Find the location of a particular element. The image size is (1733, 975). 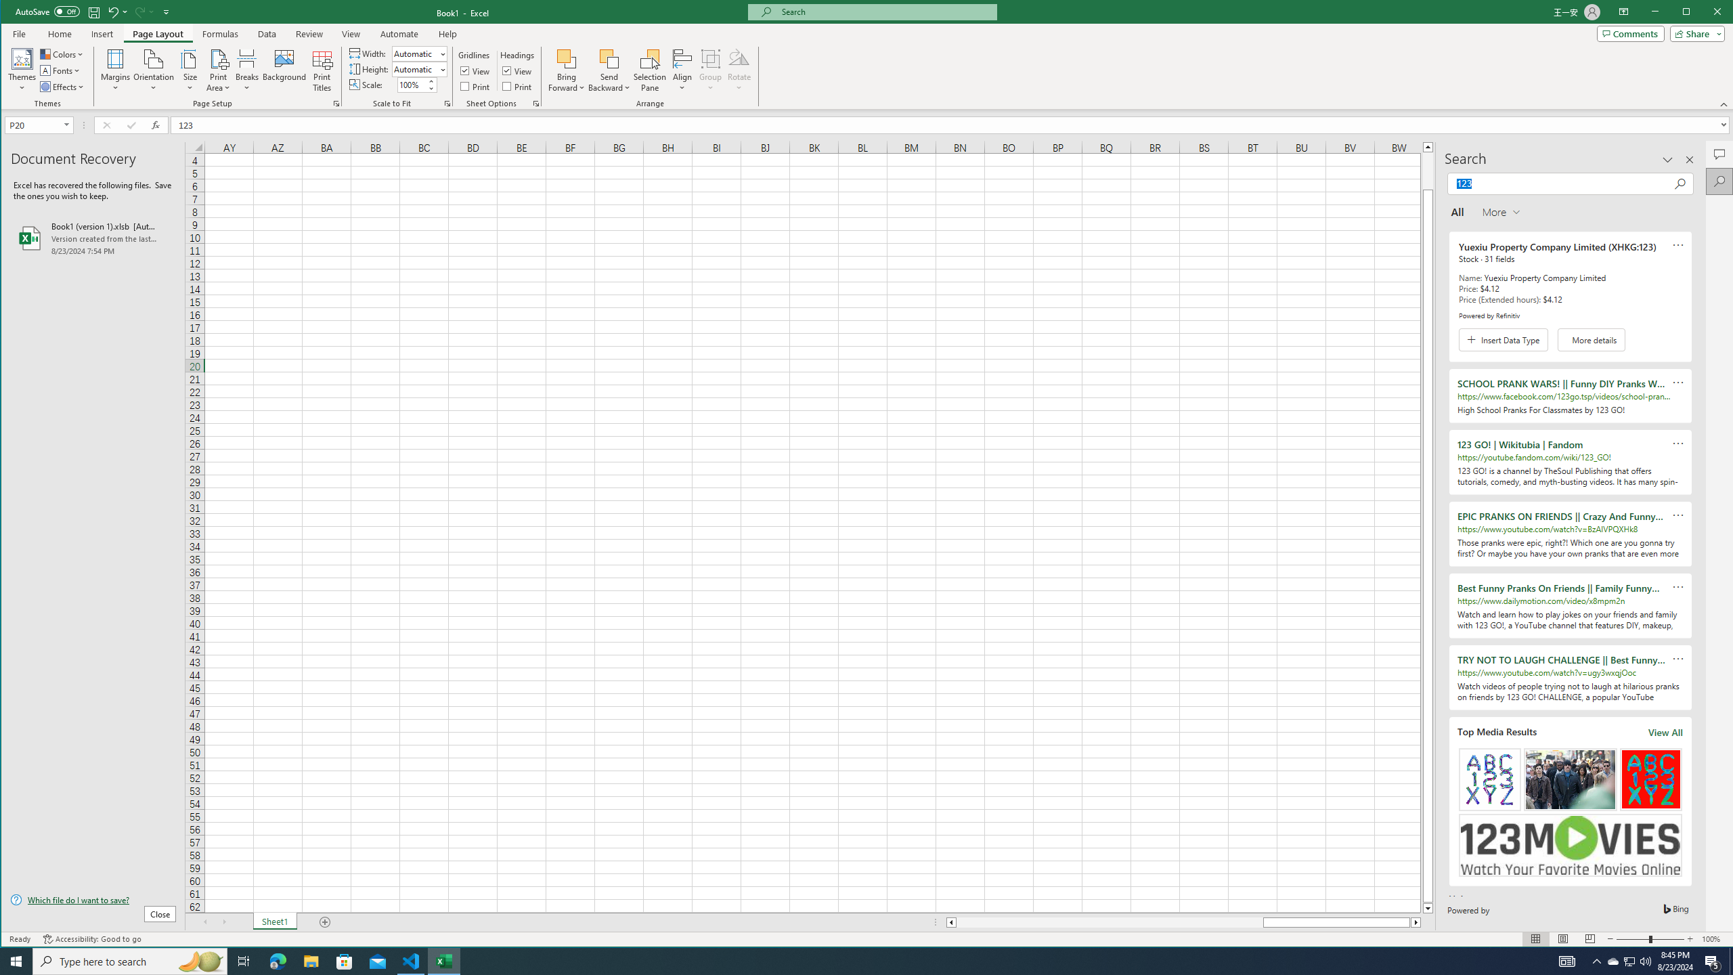

'Share' is located at coordinates (1694, 33).